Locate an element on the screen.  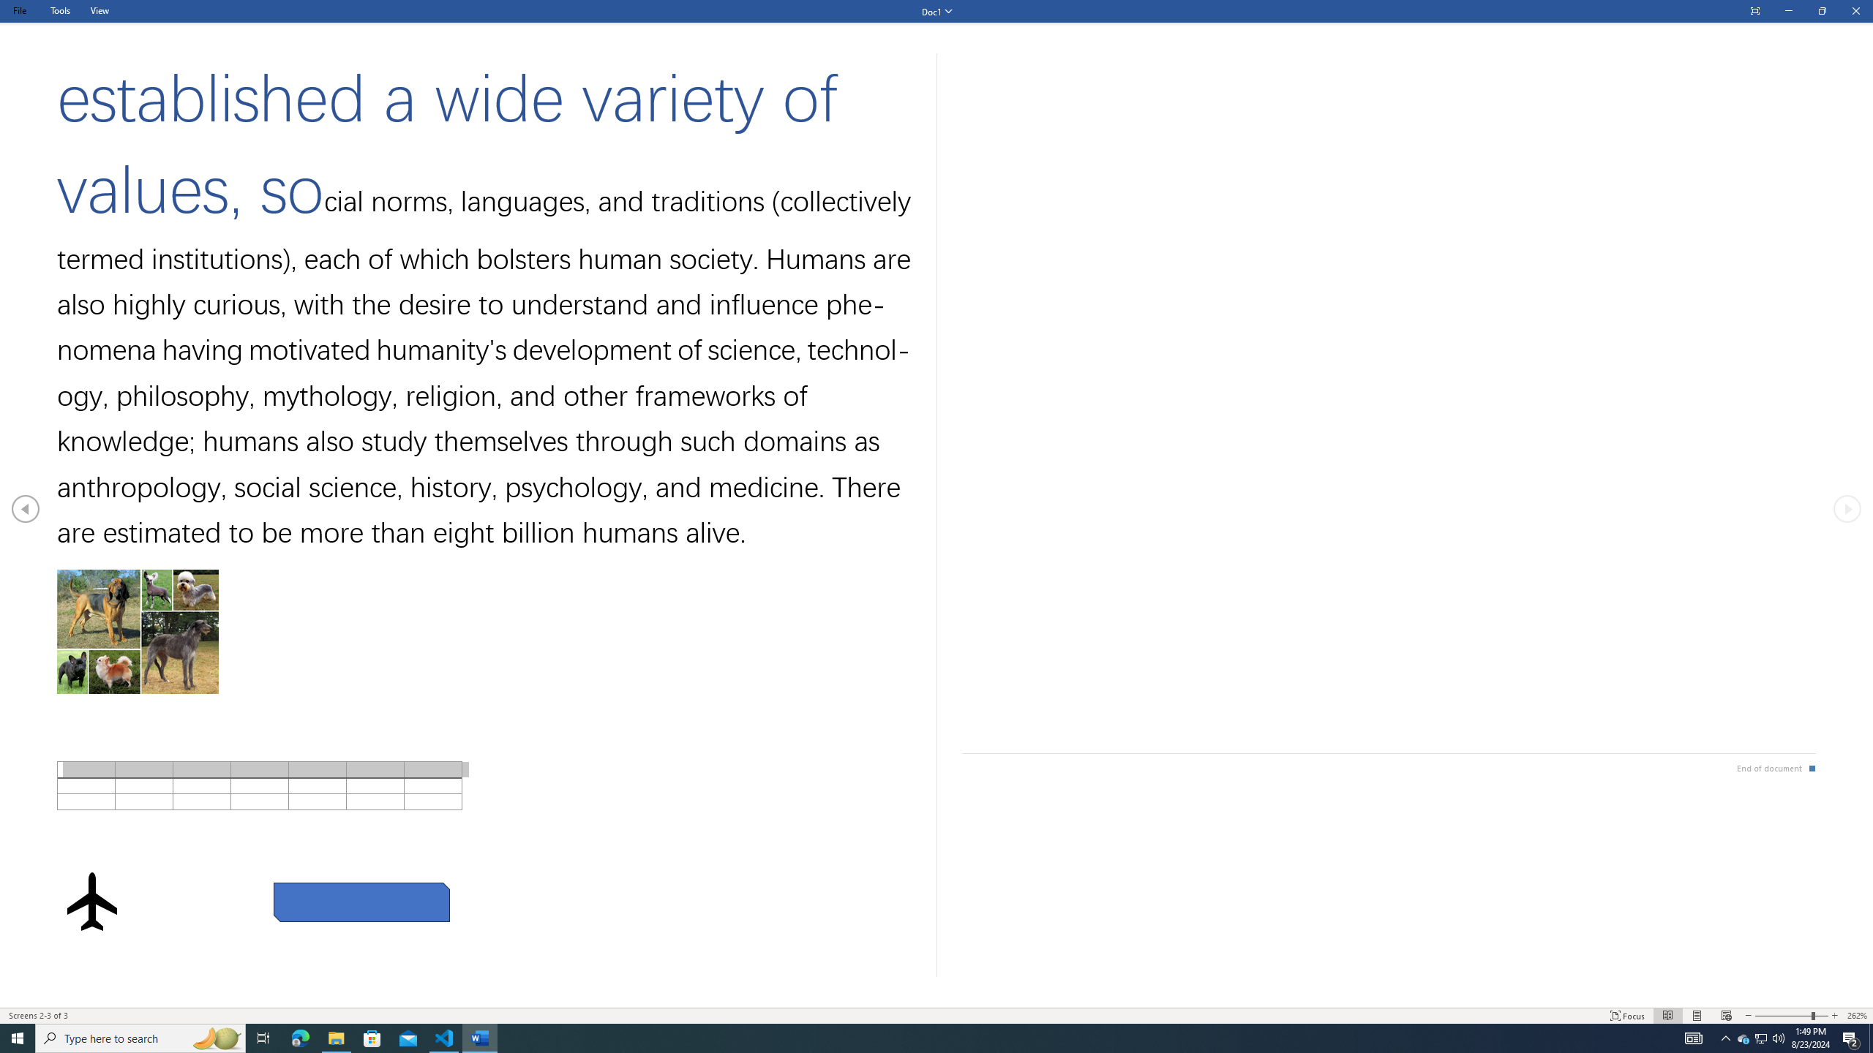
'Morphological variation in six dogs' is located at coordinates (137, 631).